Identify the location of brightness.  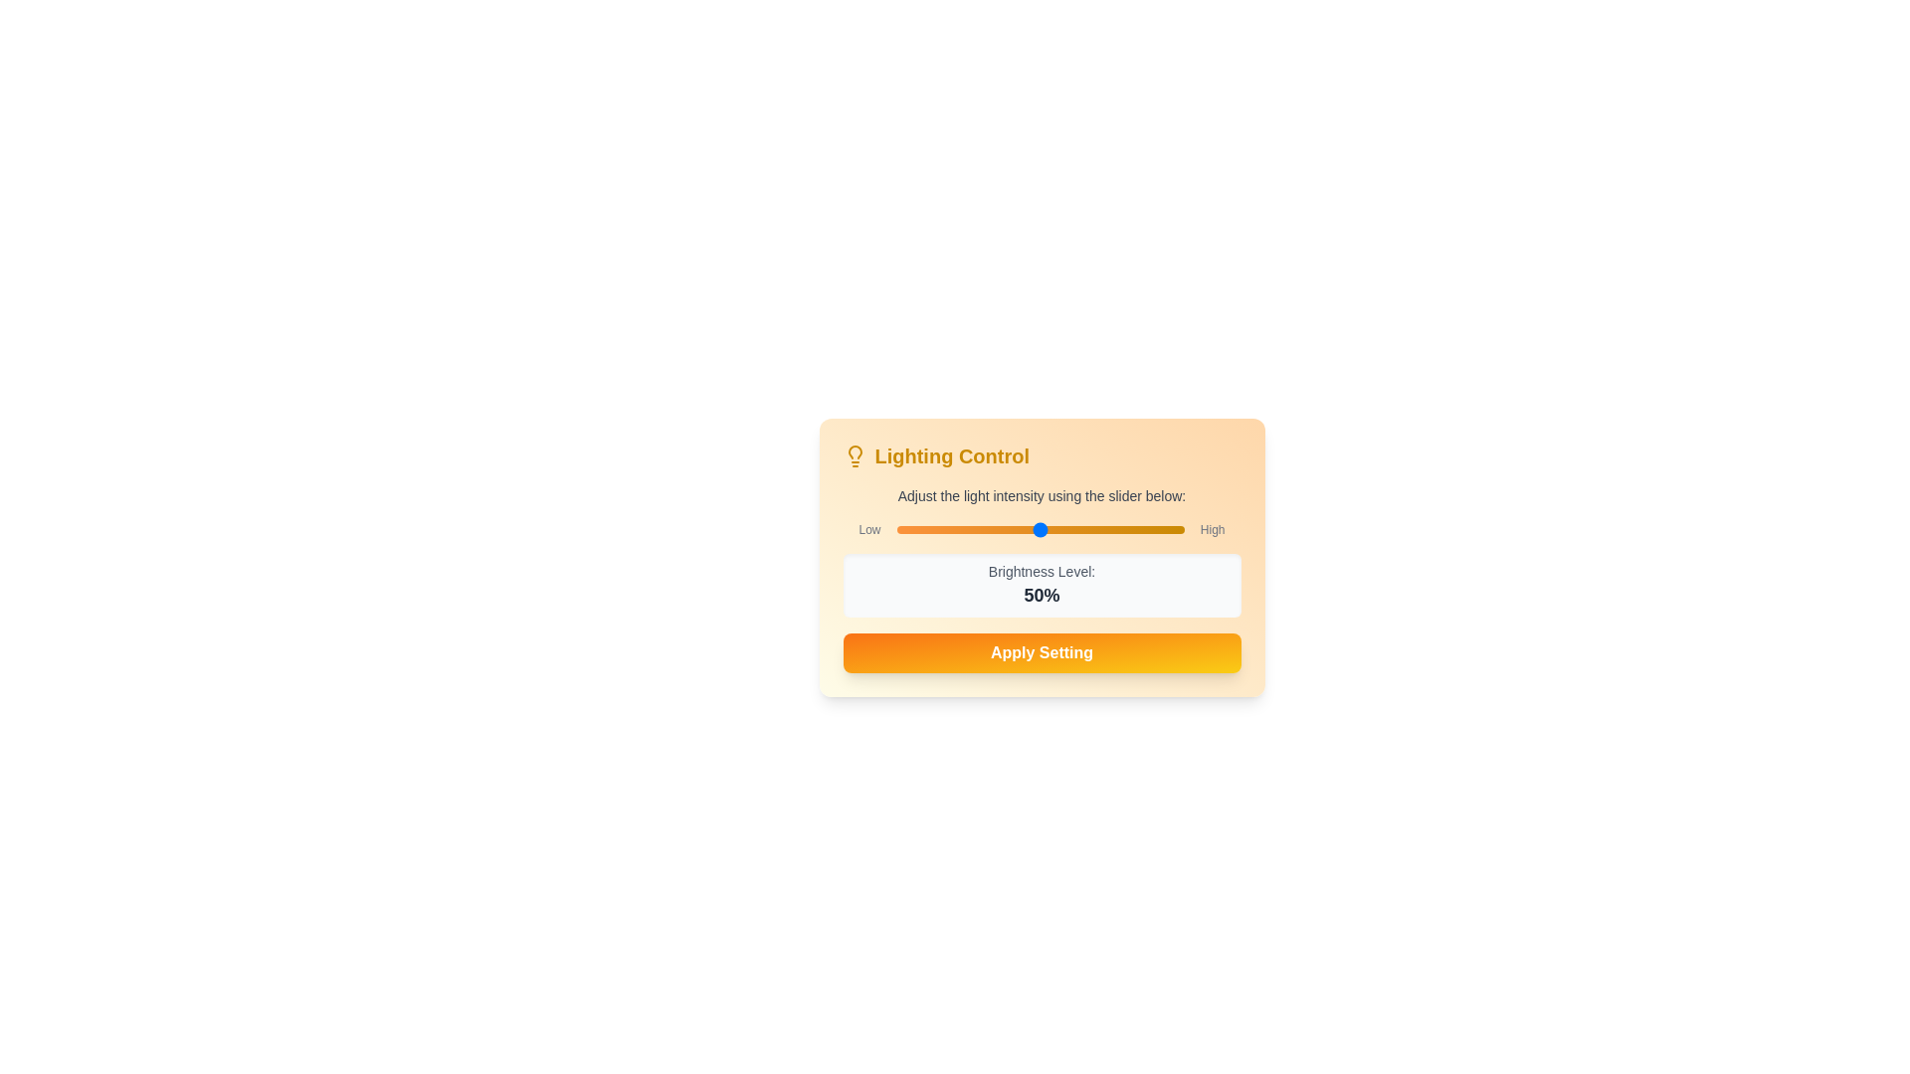
(1082, 528).